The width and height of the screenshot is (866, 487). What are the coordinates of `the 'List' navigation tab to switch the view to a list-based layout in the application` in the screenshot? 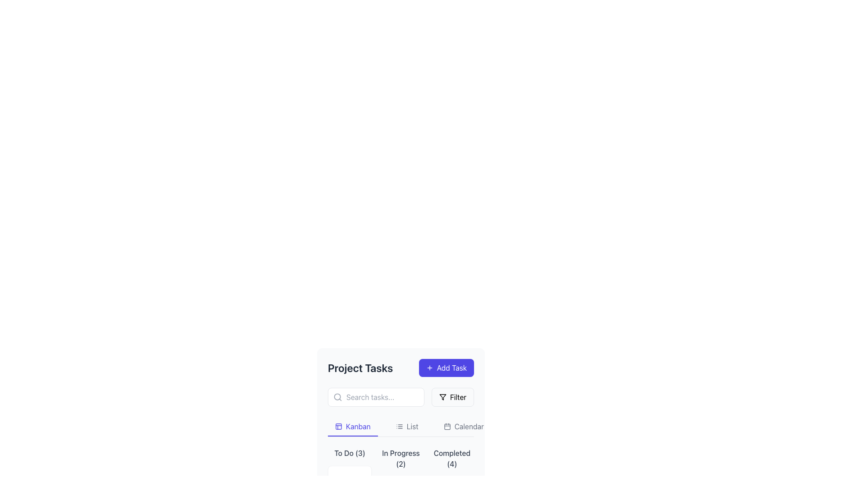 It's located at (406, 427).